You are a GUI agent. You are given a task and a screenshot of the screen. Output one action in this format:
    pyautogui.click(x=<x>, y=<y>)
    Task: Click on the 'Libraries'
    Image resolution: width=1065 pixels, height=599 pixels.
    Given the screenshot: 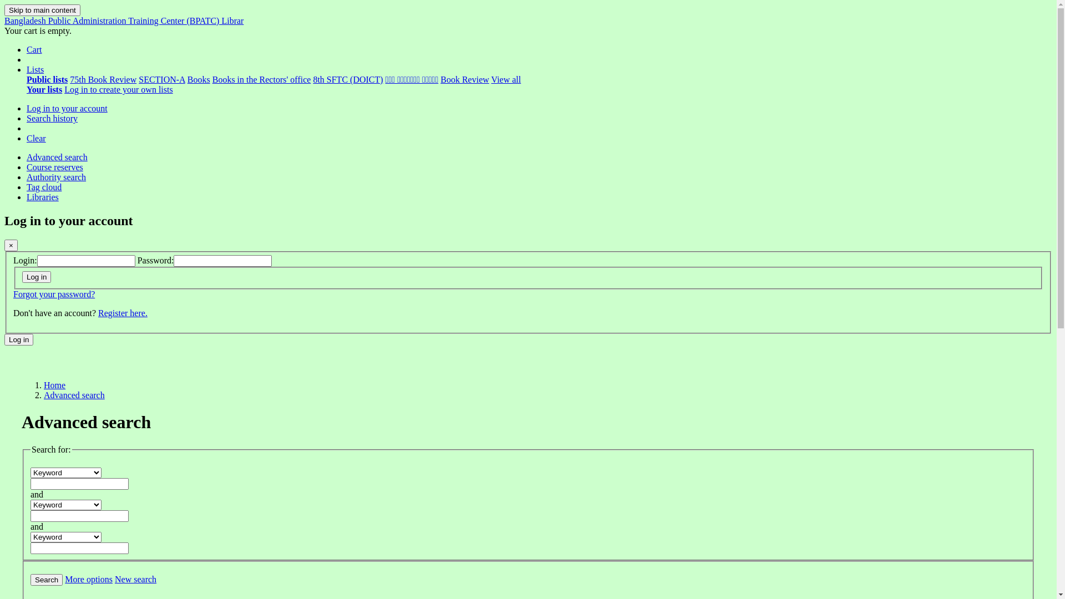 What is the action you would take?
    pyautogui.click(x=42, y=196)
    